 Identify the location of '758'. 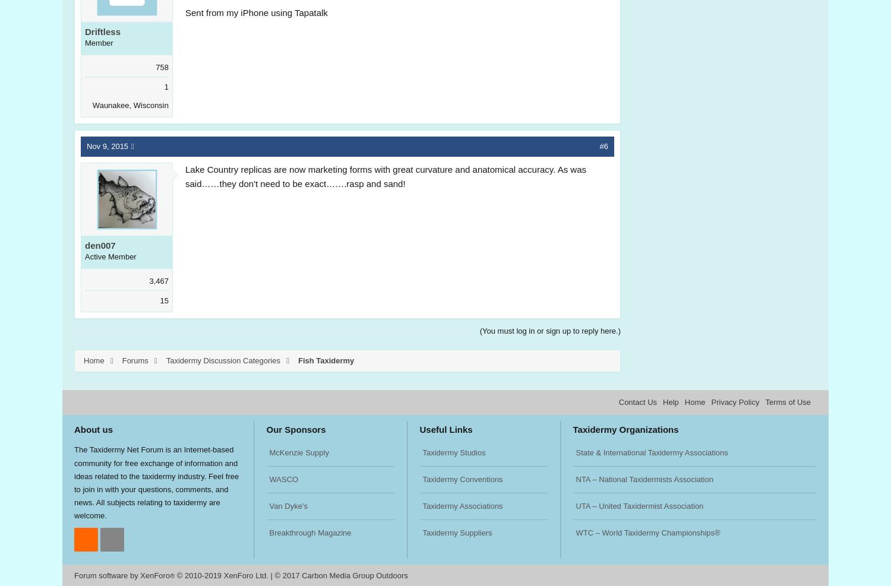
(162, 67).